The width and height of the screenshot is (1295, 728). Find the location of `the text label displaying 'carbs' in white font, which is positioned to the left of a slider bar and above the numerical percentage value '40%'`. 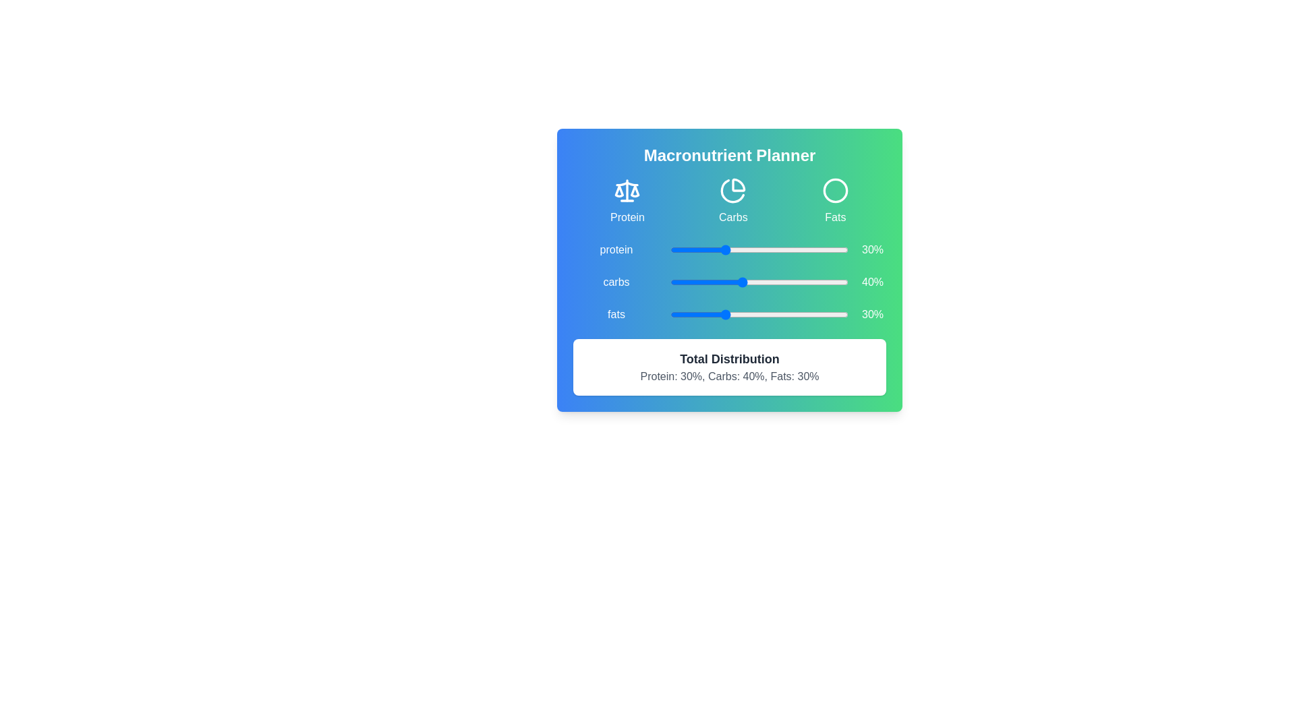

the text label displaying 'carbs' in white font, which is positioned to the left of a slider bar and above the numerical percentage value '40%' is located at coordinates (615, 282).